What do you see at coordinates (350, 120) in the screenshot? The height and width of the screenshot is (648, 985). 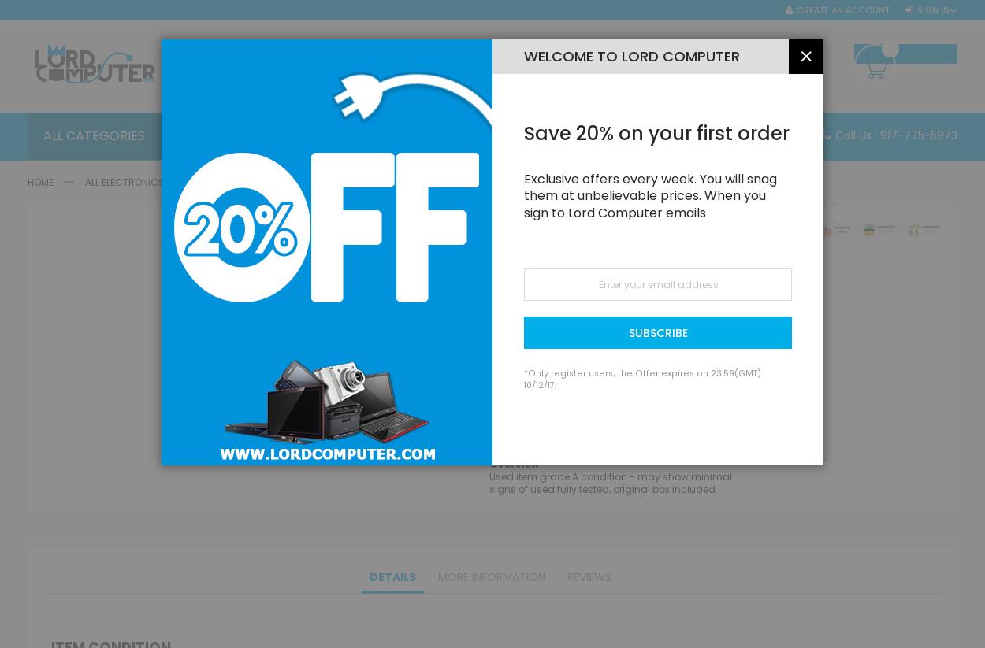 I see `'All Computers'` at bounding box center [350, 120].